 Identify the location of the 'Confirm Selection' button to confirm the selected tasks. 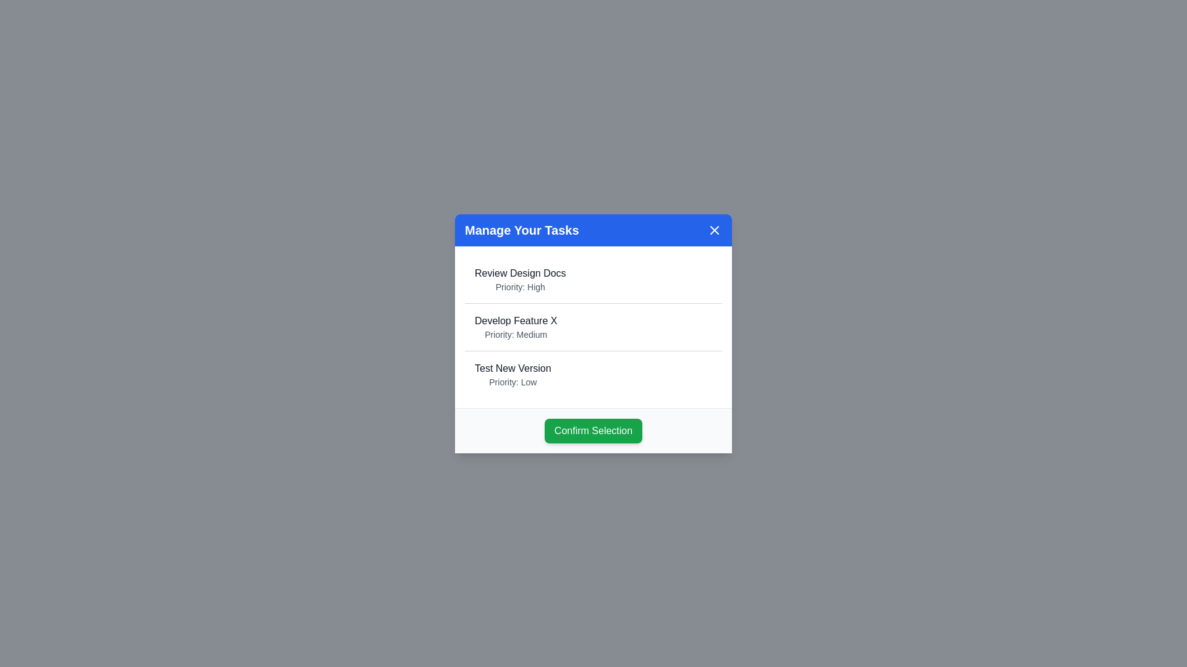
(593, 430).